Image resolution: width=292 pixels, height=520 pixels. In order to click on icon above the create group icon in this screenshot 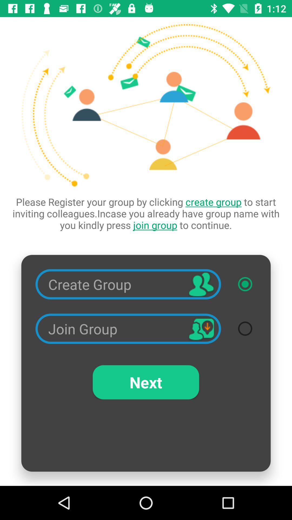, I will do `click(146, 213)`.